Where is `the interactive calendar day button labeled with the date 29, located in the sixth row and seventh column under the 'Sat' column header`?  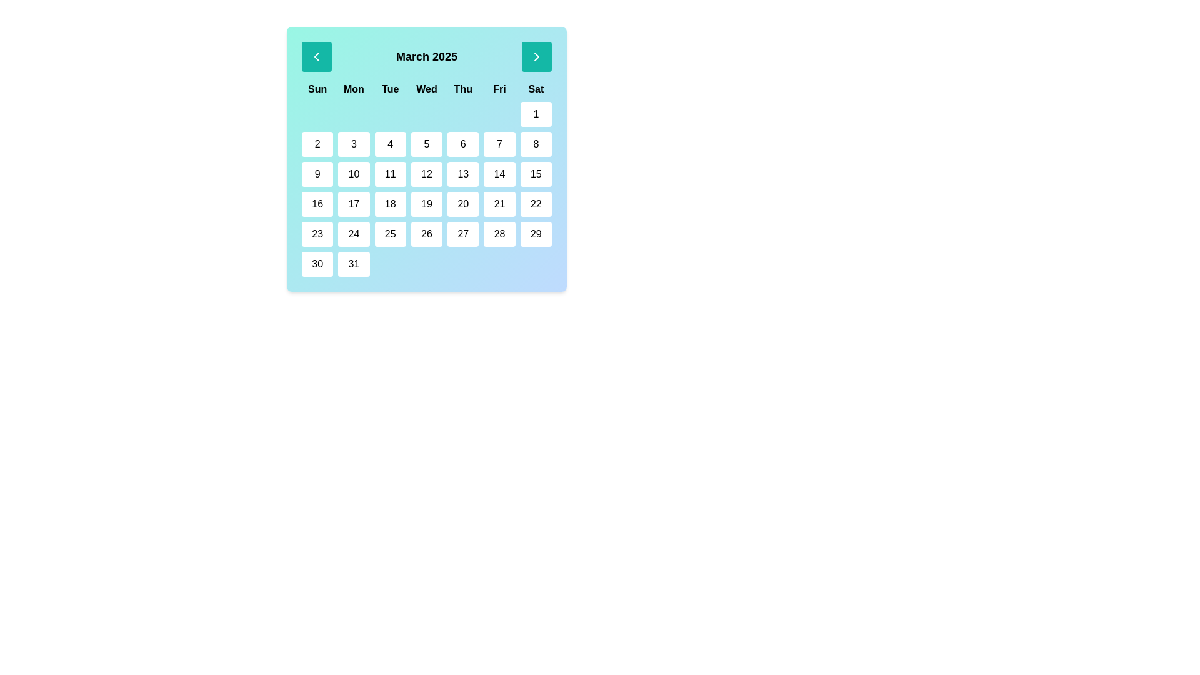
the interactive calendar day button labeled with the date 29, located in the sixth row and seventh column under the 'Sat' column header is located at coordinates (536, 234).